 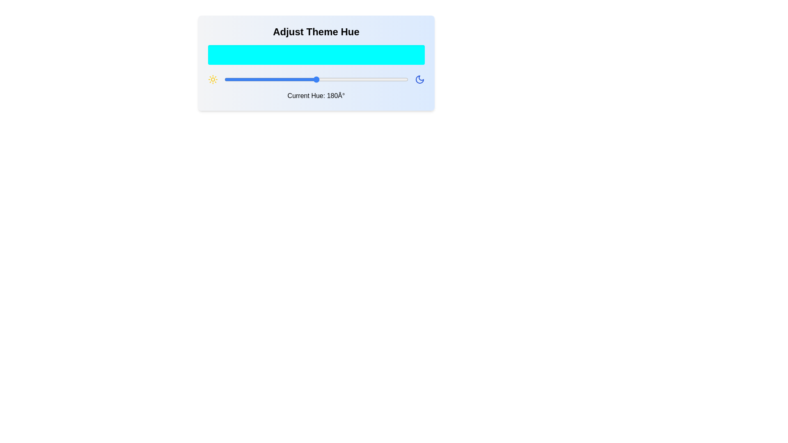 I want to click on the hue to 148 degrees by dragging the slider, so click(x=299, y=79).